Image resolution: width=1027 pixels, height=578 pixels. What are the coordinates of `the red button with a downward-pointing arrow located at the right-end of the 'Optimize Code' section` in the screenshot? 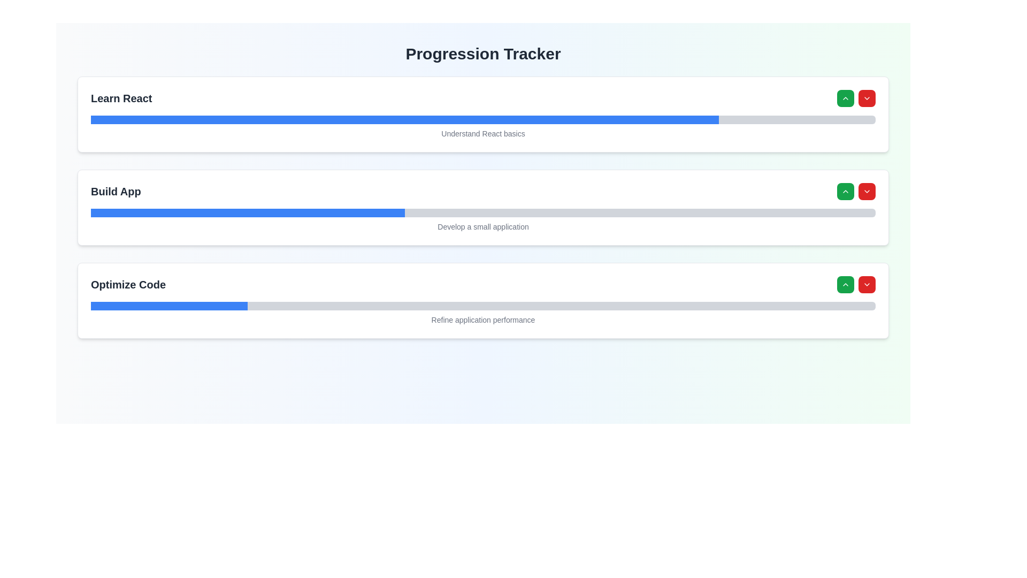 It's located at (856, 284).